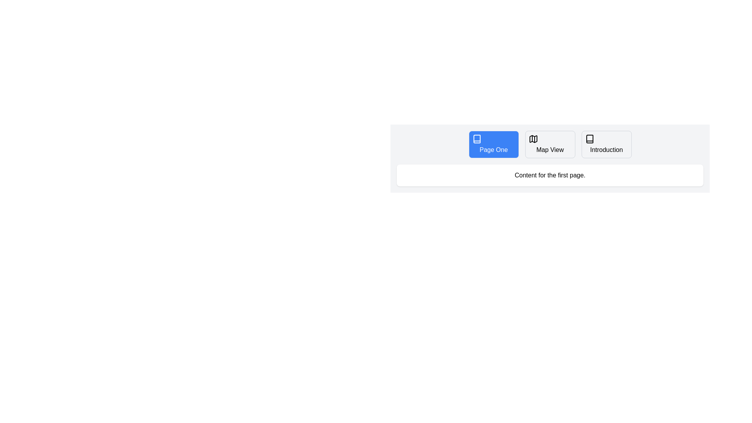 This screenshot has height=423, width=752. What do you see at coordinates (606, 145) in the screenshot?
I see `the third button in the top center row, which redirects to the 'Introduction' section, to potentially display a tooltip` at bounding box center [606, 145].